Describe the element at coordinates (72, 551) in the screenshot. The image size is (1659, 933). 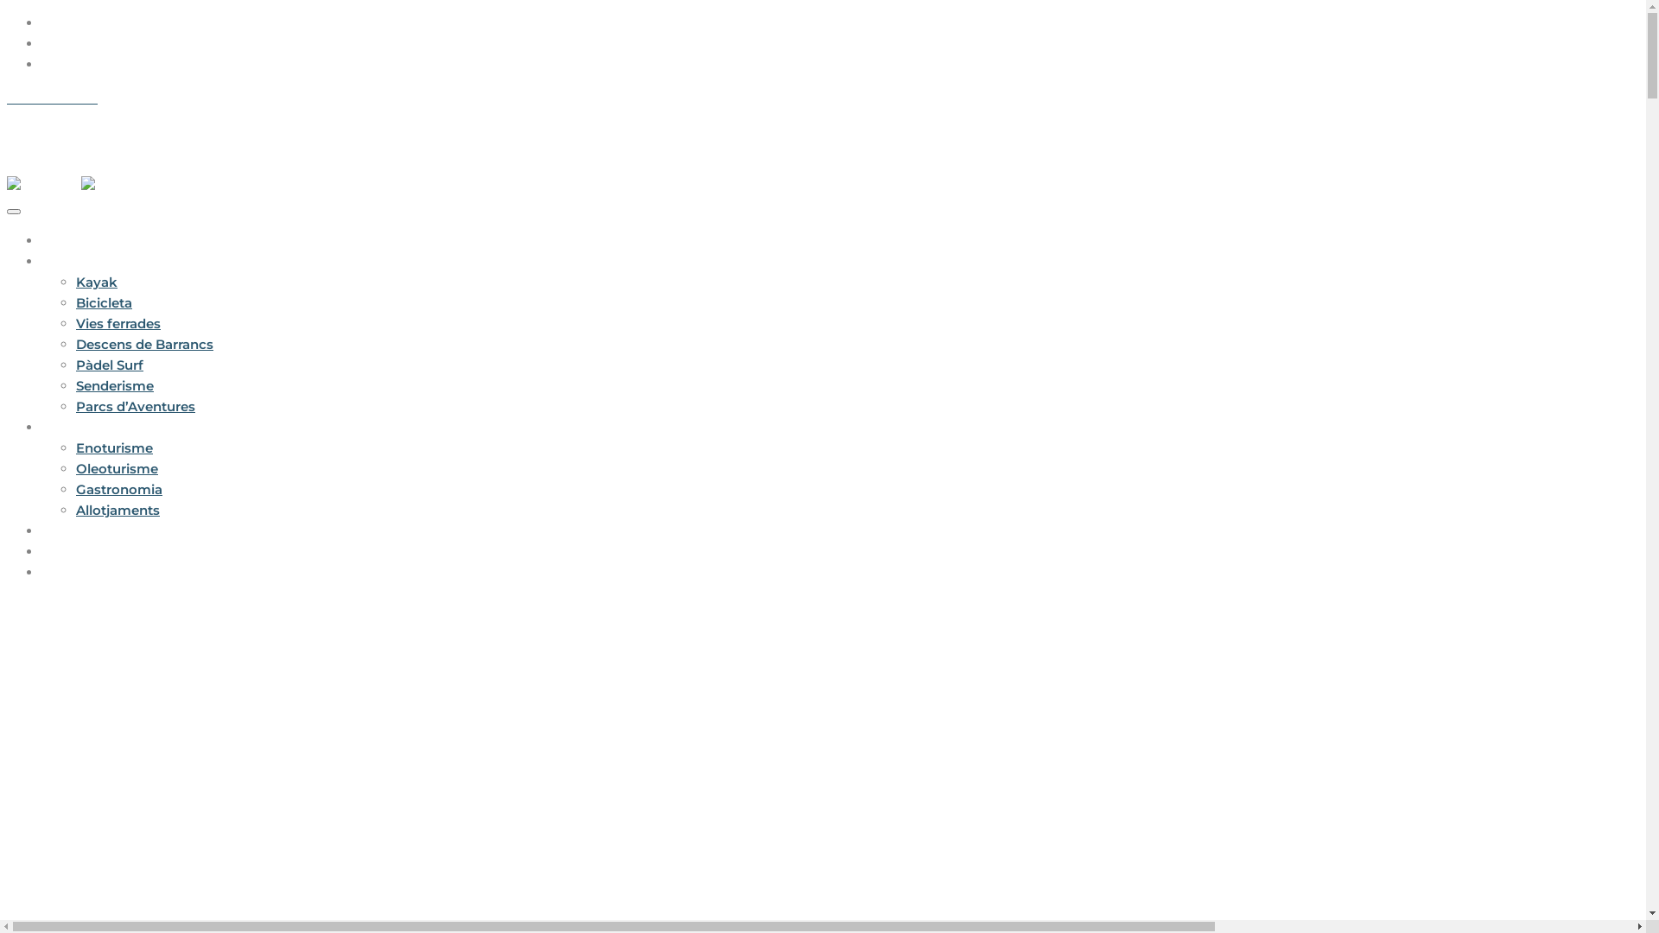
I see `'Qui som?'` at that location.